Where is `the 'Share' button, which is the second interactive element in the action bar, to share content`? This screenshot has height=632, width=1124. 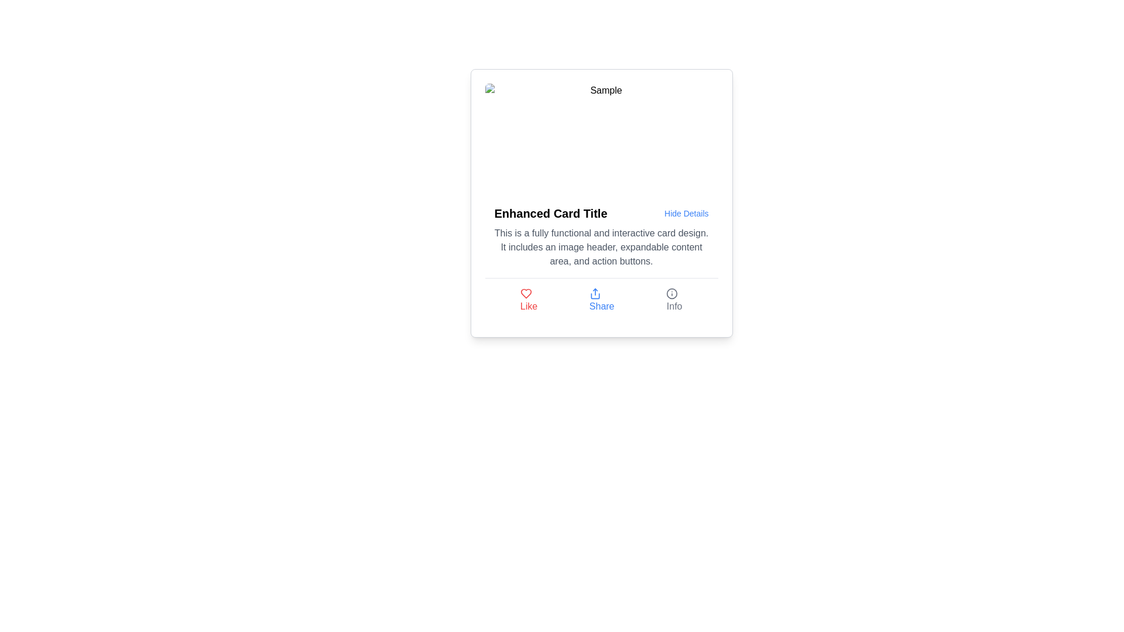 the 'Share' button, which is the second interactive element in the action bar, to share content is located at coordinates (602, 300).